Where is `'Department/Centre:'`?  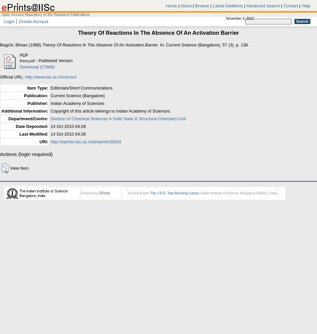 'Department/Centre:' is located at coordinates (8, 118).